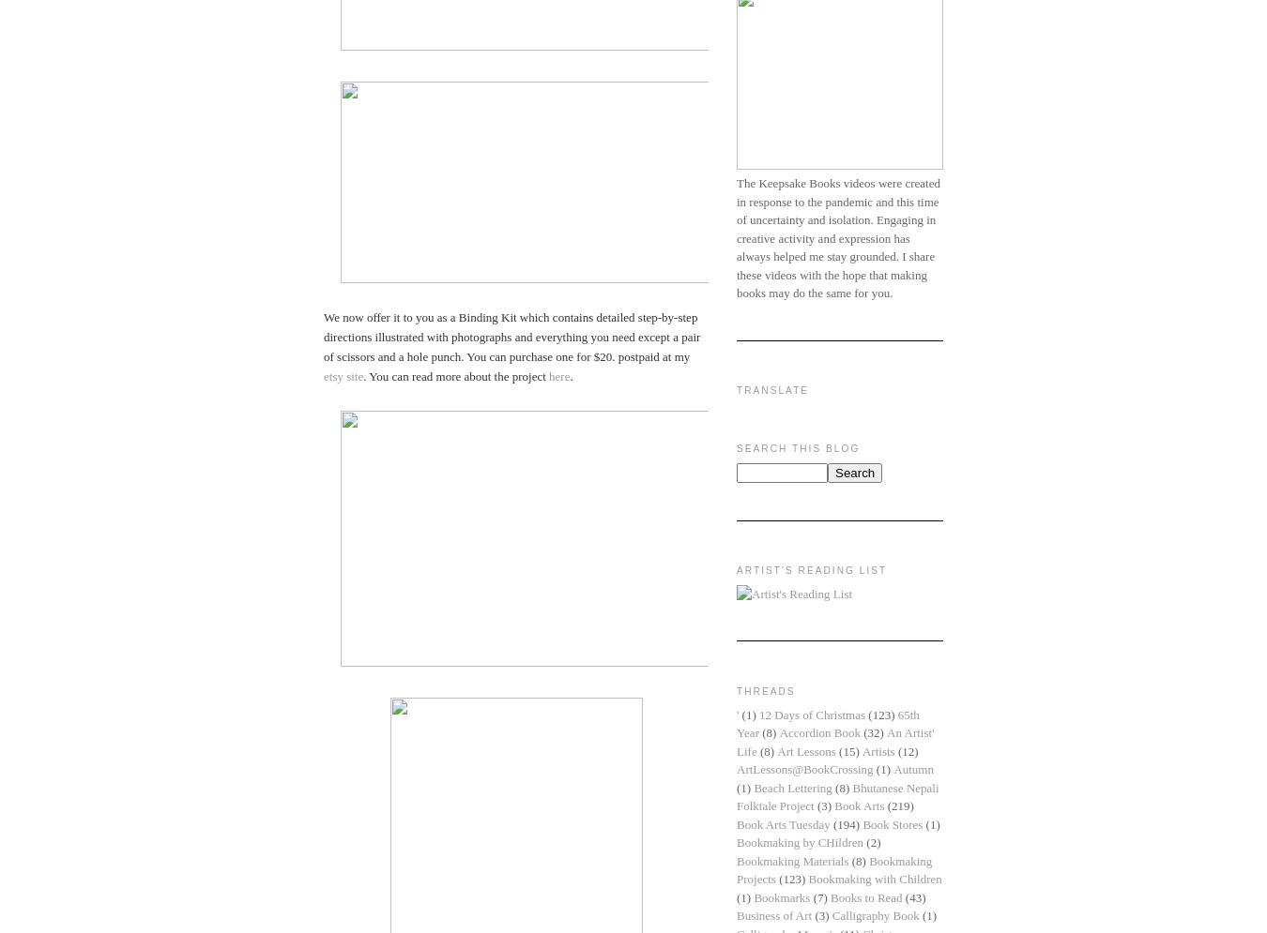  What do you see at coordinates (833, 805) in the screenshot?
I see `'Book Arts'` at bounding box center [833, 805].